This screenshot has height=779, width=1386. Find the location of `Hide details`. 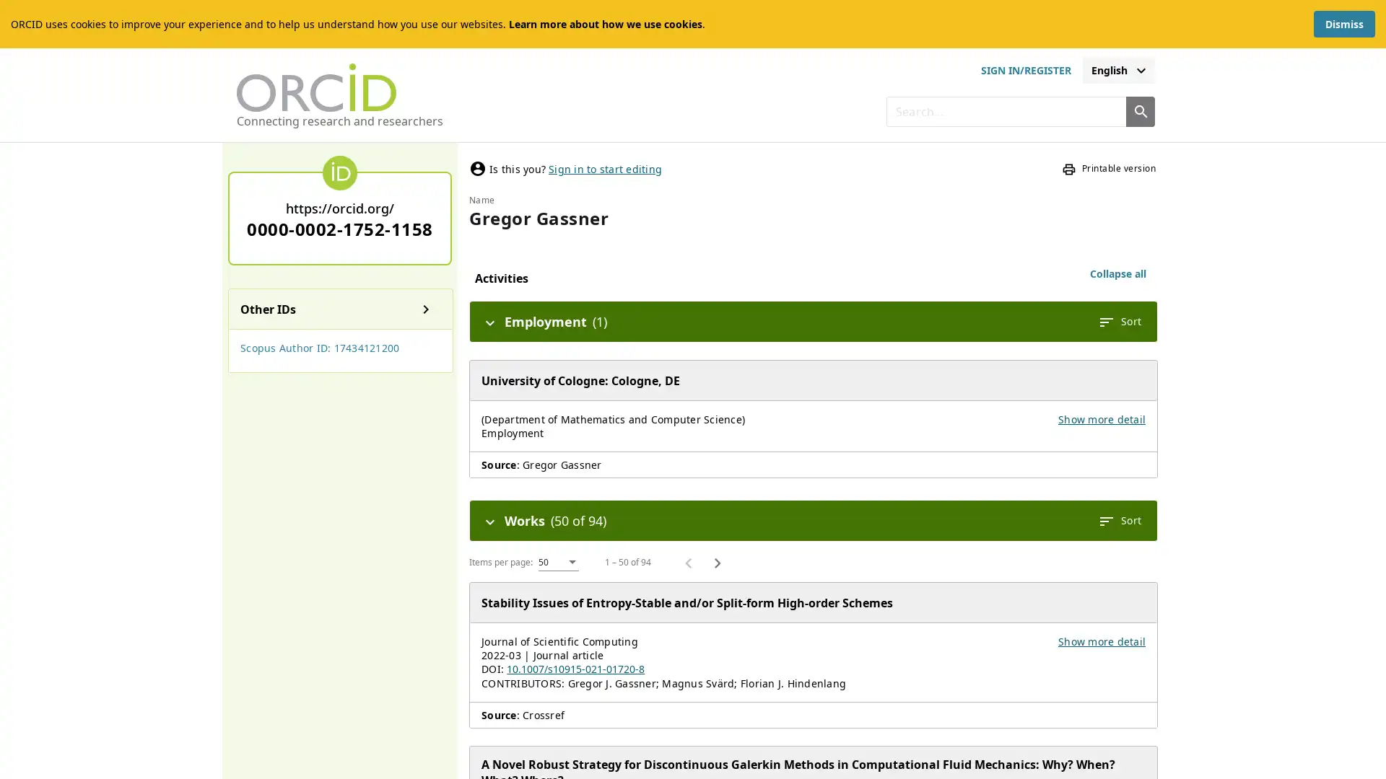

Hide details is located at coordinates (489, 520).